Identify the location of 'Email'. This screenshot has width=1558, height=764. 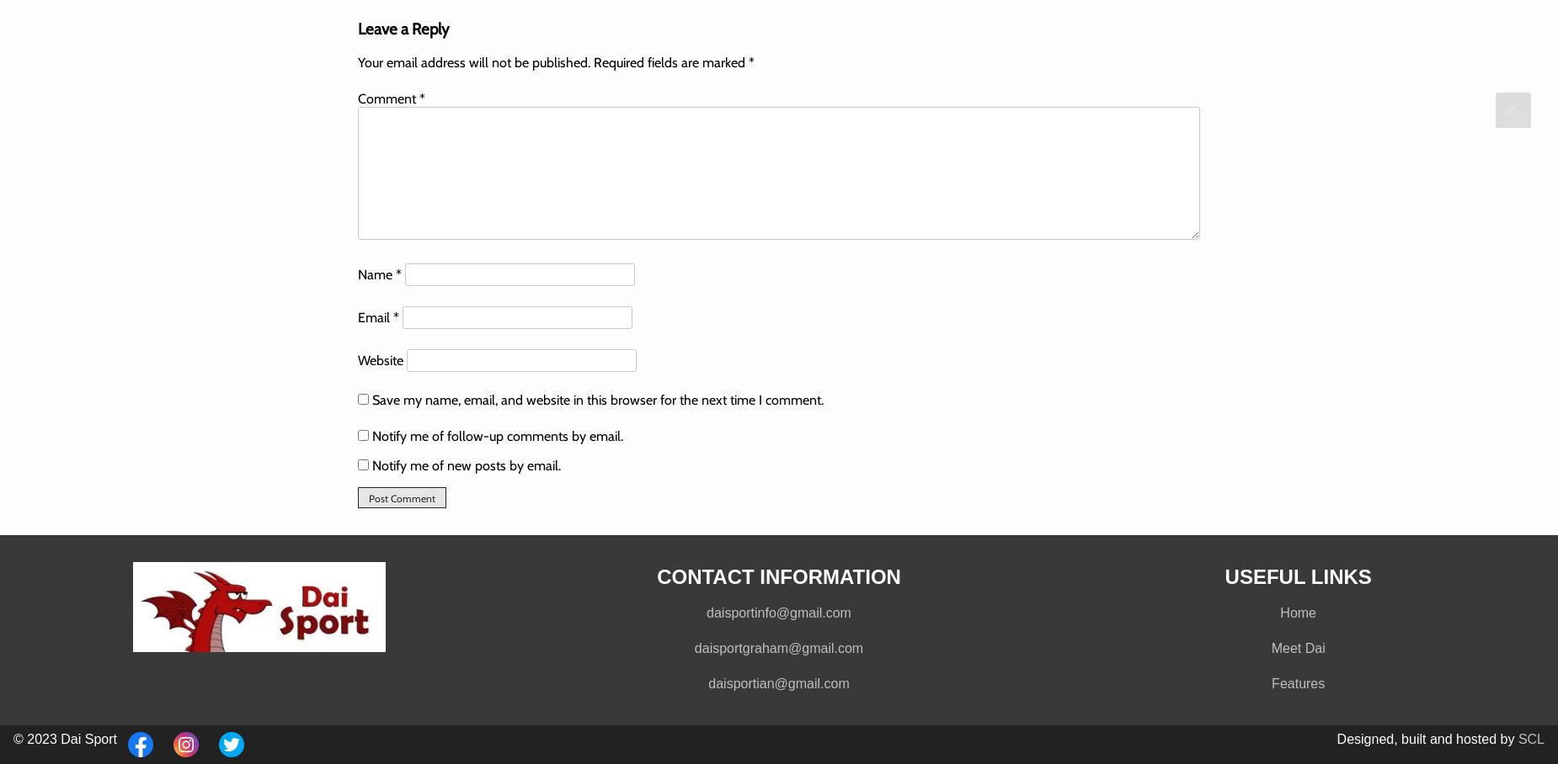
(375, 316).